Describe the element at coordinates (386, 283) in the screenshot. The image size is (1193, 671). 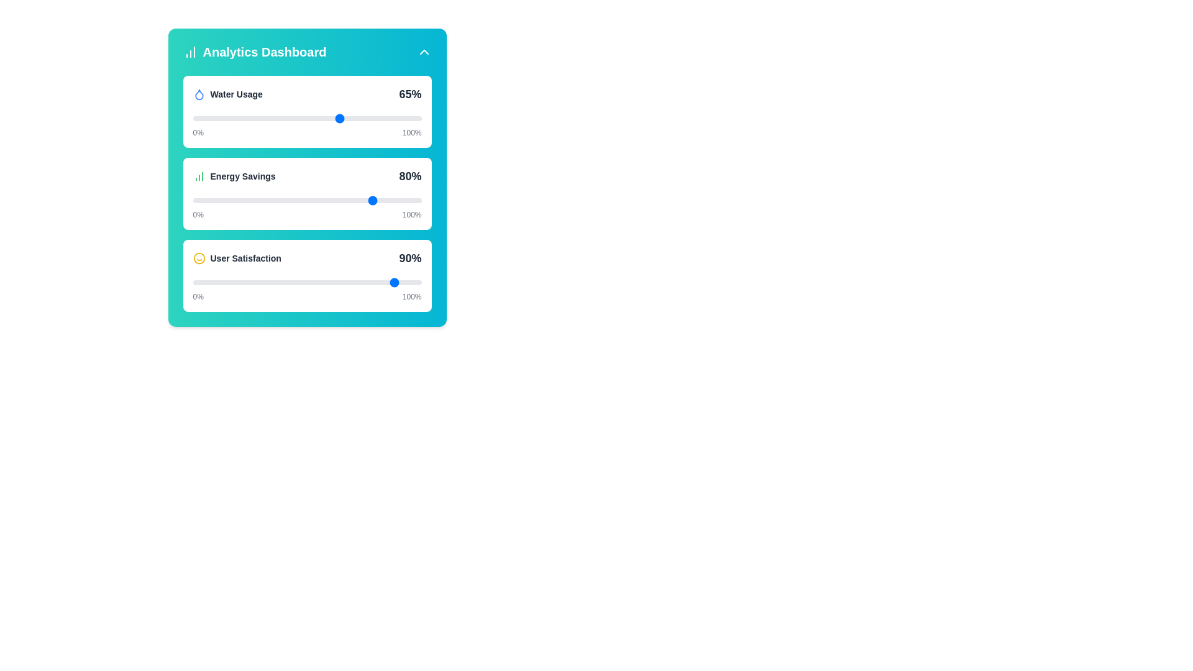
I see `User Satisfaction` at that location.